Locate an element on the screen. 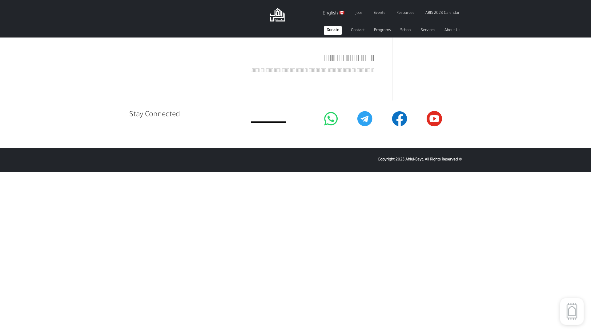 This screenshot has width=591, height=332. 'About Us' is located at coordinates (452, 30).